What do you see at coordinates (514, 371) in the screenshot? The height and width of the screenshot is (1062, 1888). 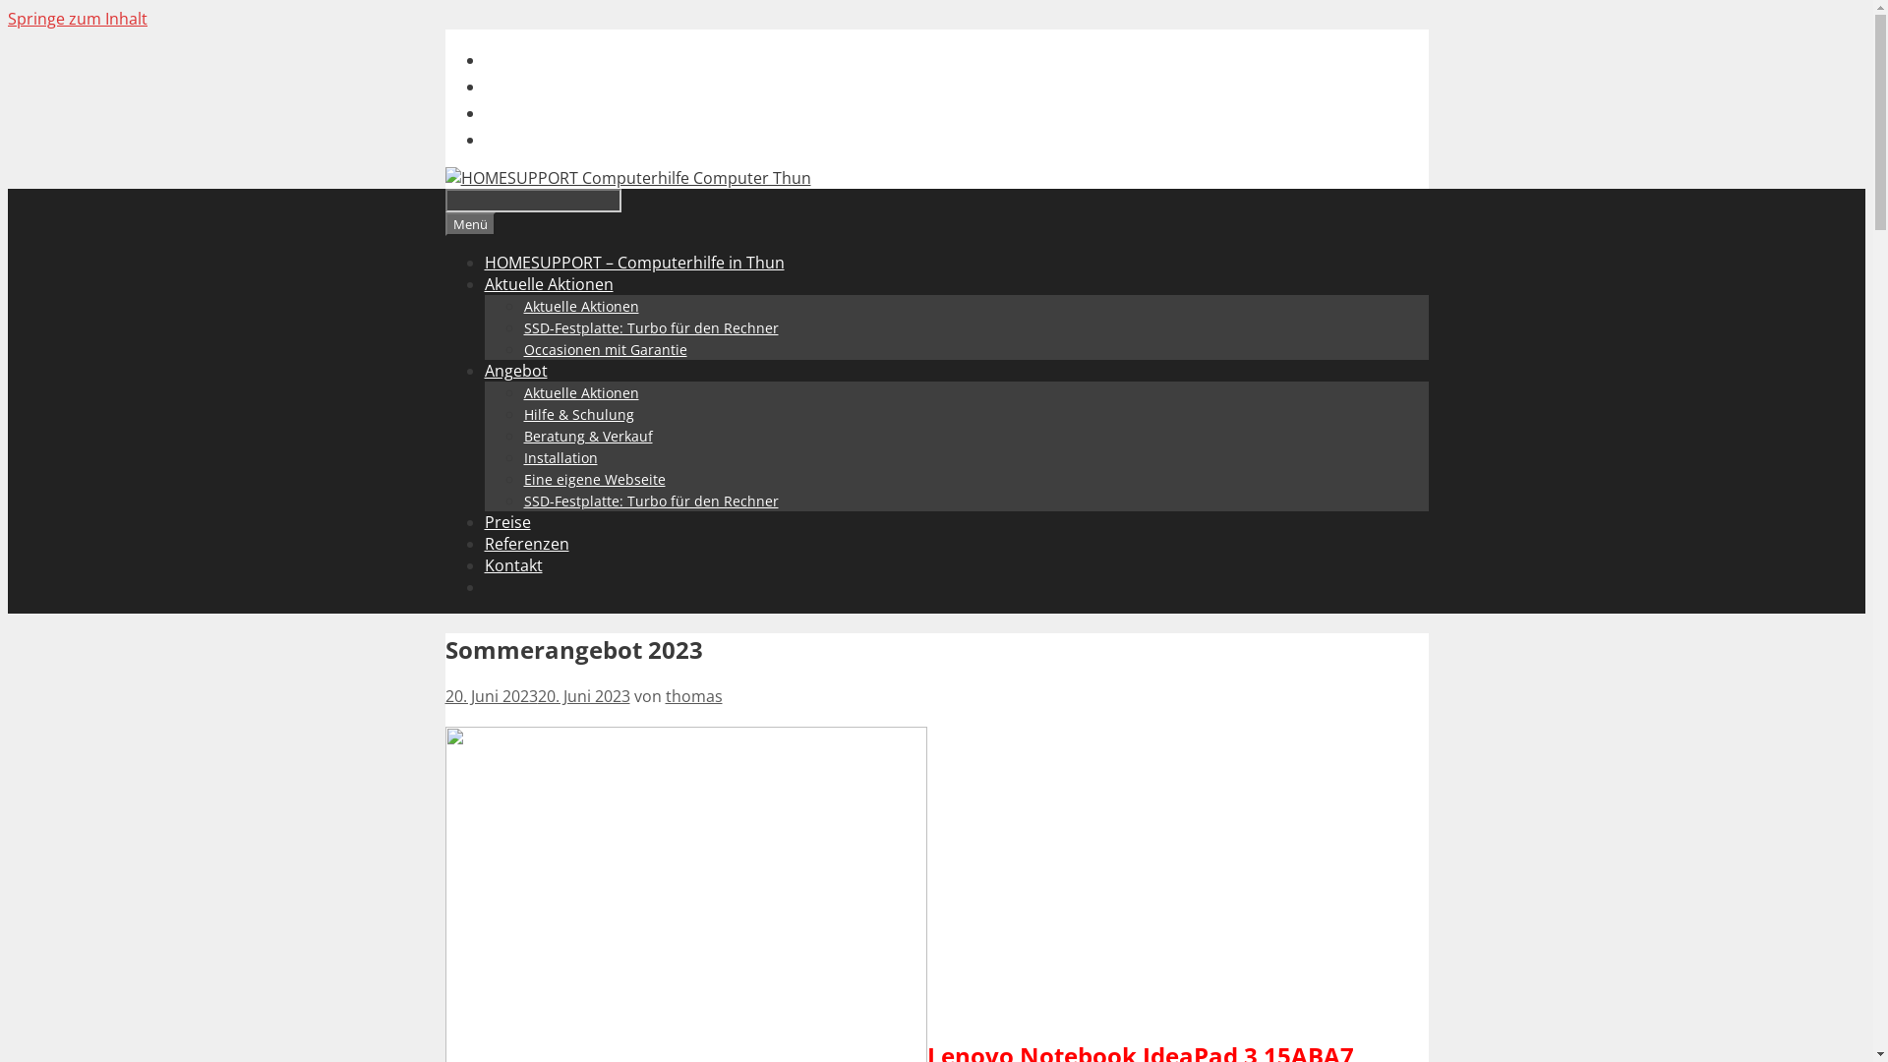 I see `'Angebot'` at bounding box center [514, 371].